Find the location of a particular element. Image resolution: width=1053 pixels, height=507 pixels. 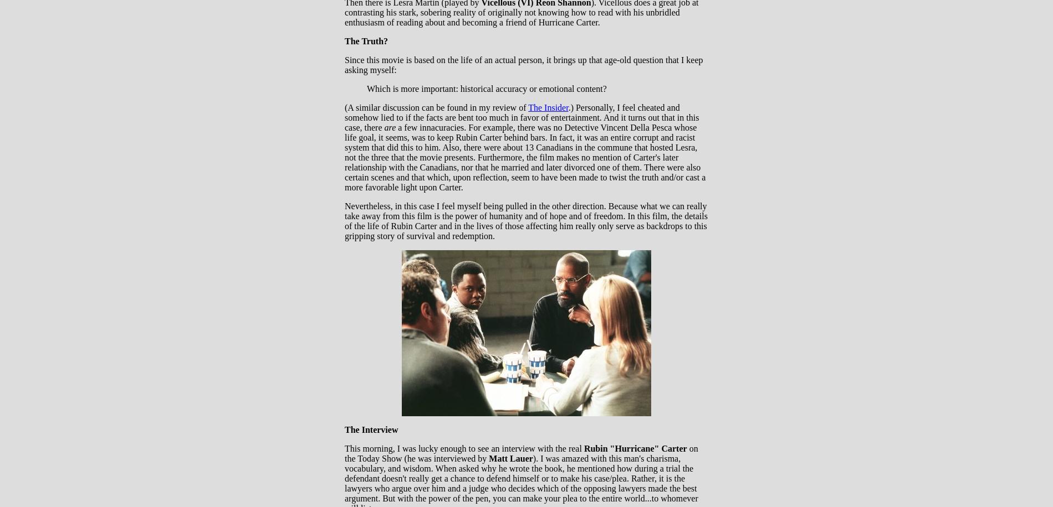

'Nevertheless, in this case I feel myself being pulled in the other direction.  Because what we can really take away from this film is the power of humanity and of hope and of freedom.  In this film, the details of the life of Rubin Carter and in the lives of those affecting him really only serve as backdrops to this gripping story of survival and redemption.' is located at coordinates (345, 221).